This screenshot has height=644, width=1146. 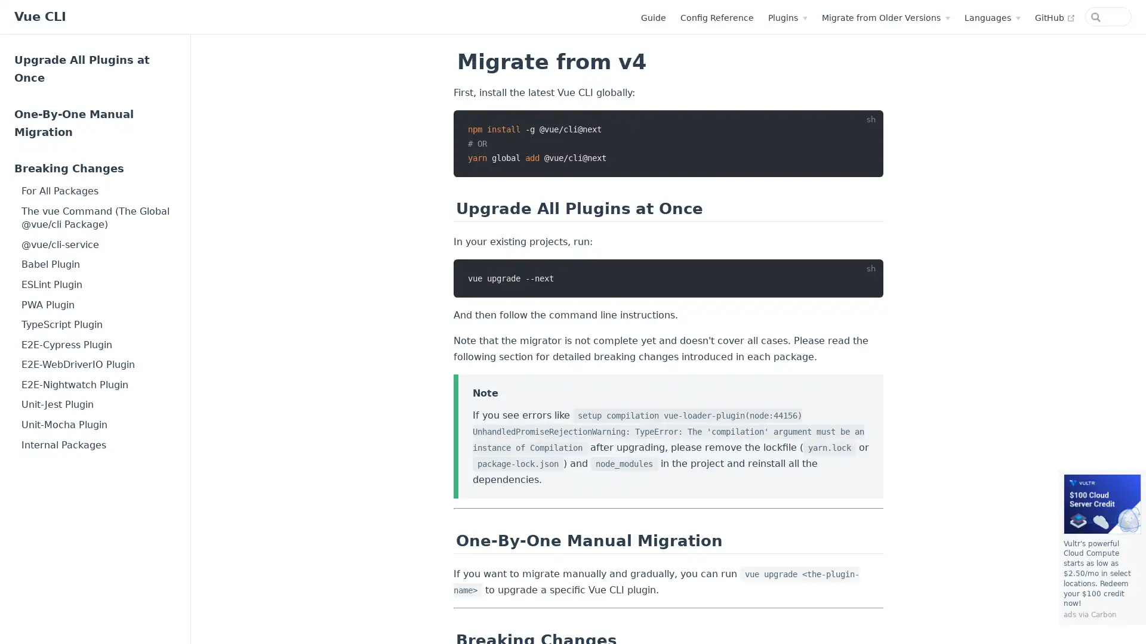 I want to click on Plugins, so click(x=738, y=18).